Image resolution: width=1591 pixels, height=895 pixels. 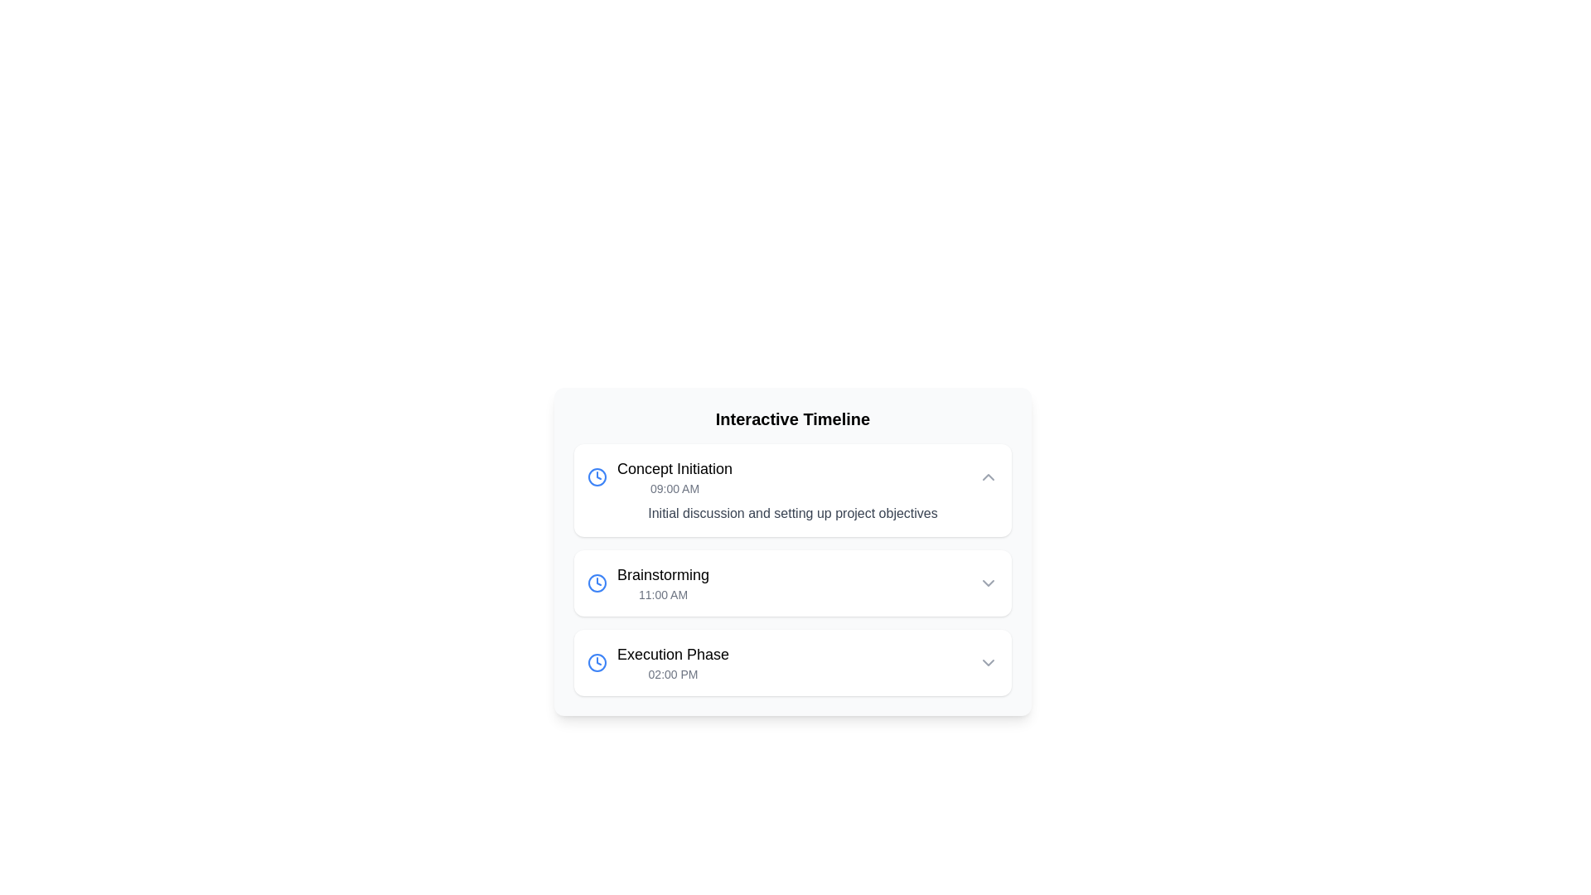 What do you see at coordinates (663, 574) in the screenshot?
I see `the 'Brainstorming' text label to interact with the linked content in the timeline interface, positioned above '11:00 AM'` at bounding box center [663, 574].